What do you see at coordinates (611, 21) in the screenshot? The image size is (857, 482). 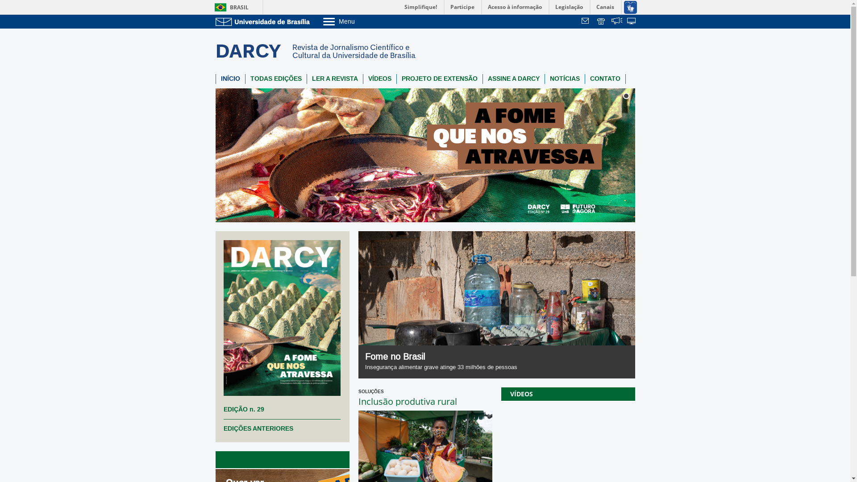 I see `'Fala.BR'` at bounding box center [611, 21].